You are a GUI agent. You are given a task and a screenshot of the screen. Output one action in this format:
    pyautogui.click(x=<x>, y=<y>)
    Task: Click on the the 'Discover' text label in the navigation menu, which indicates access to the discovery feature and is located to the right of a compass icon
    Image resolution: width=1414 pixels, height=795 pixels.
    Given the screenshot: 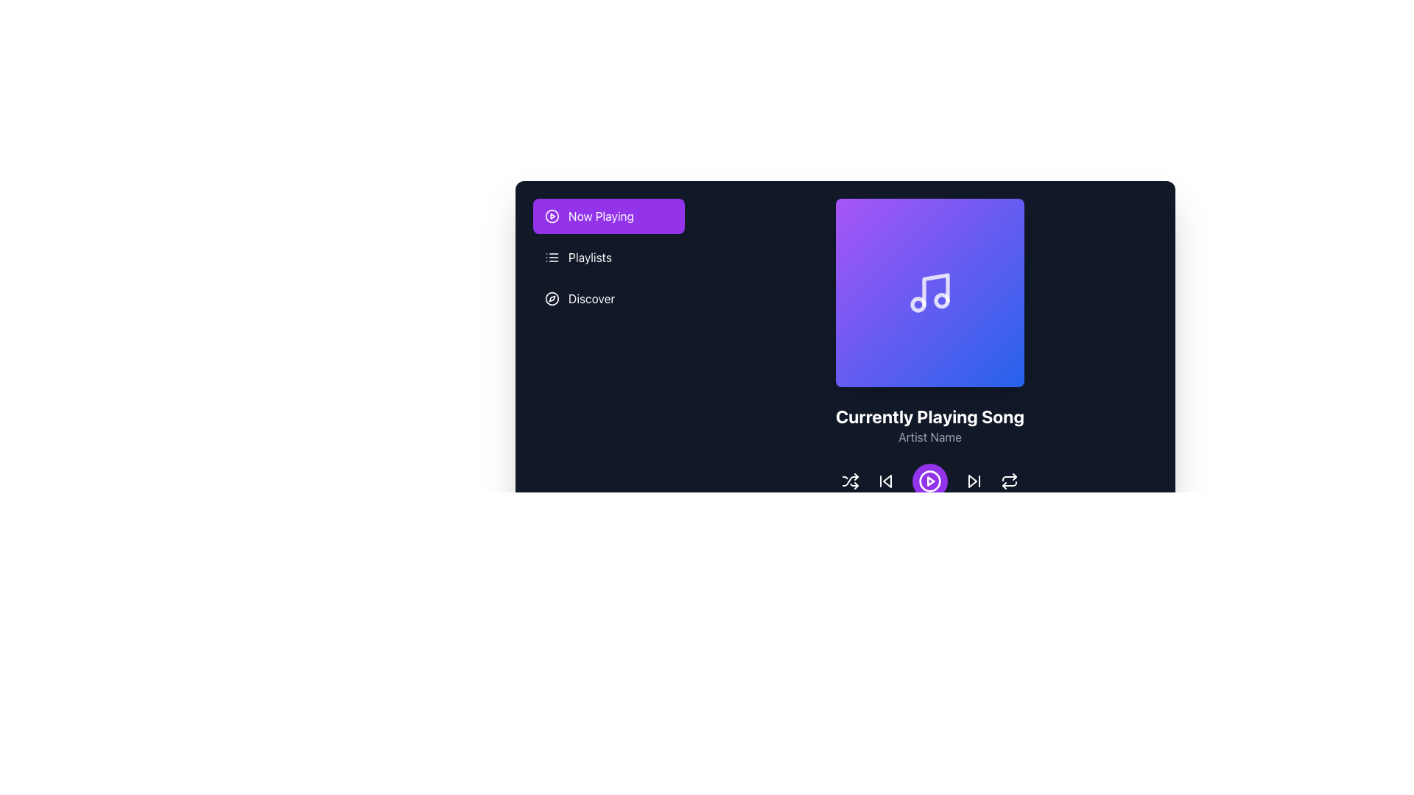 What is the action you would take?
    pyautogui.click(x=591, y=298)
    